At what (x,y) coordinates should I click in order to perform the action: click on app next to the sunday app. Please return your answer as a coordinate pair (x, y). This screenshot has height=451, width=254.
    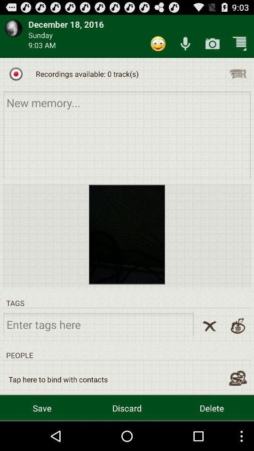
    Looking at the image, I should click on (158, 44).